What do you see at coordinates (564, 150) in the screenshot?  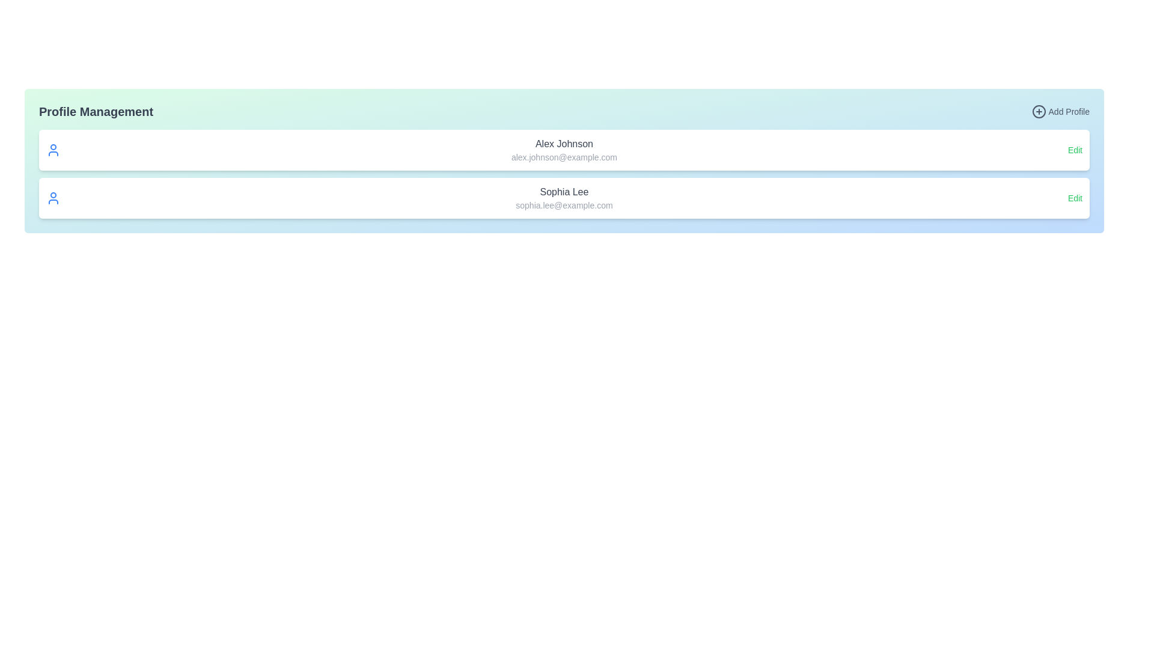 I see `the email or name on the first user profile card displayed in the list` at bounding box center [564, 150].